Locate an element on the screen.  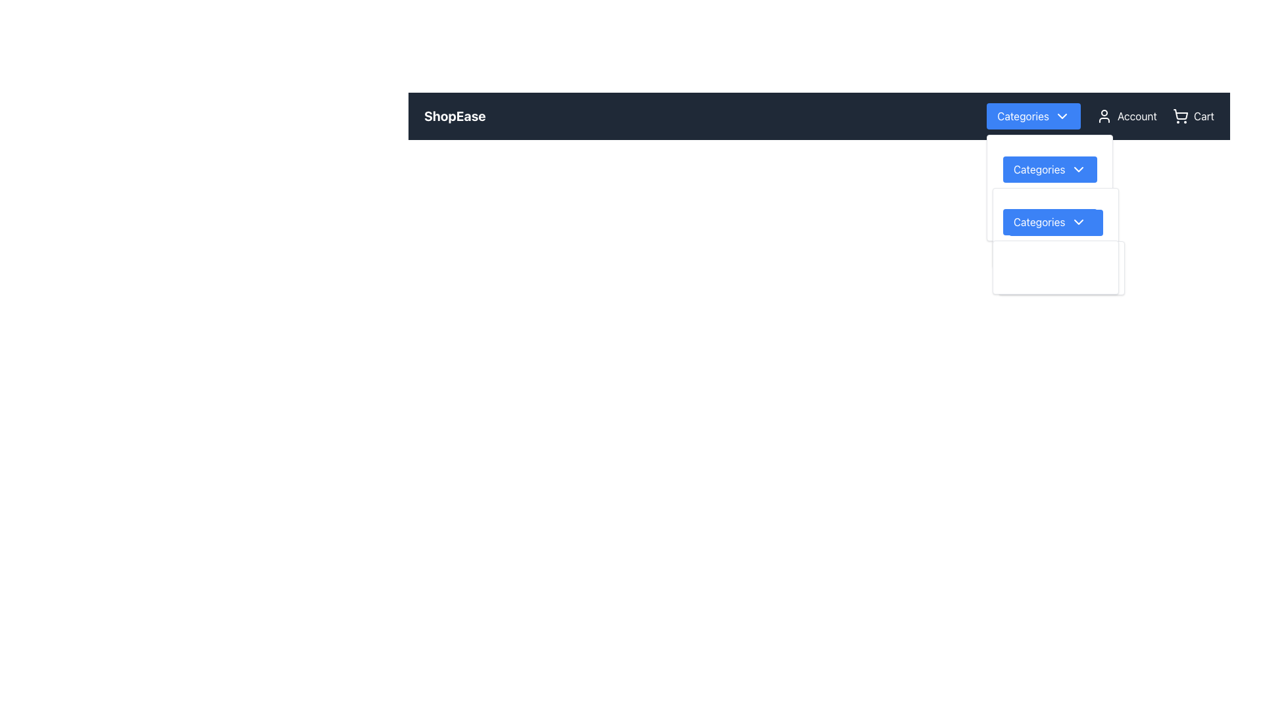
the downward-facing chevron arrow icon that is part of the 'Categories' dropdown button located near the top right of the navigation bar is located at coordinates (1078, 169).